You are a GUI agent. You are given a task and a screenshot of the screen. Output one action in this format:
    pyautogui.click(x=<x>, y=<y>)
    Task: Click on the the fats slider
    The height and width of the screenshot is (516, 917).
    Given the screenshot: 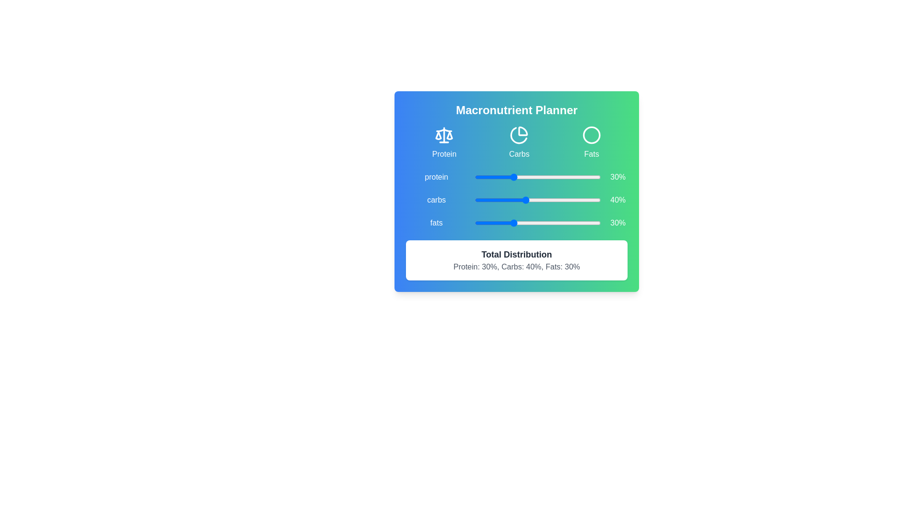 What is the action you would take?
    pyautogui.click(x=550, y=223)
    